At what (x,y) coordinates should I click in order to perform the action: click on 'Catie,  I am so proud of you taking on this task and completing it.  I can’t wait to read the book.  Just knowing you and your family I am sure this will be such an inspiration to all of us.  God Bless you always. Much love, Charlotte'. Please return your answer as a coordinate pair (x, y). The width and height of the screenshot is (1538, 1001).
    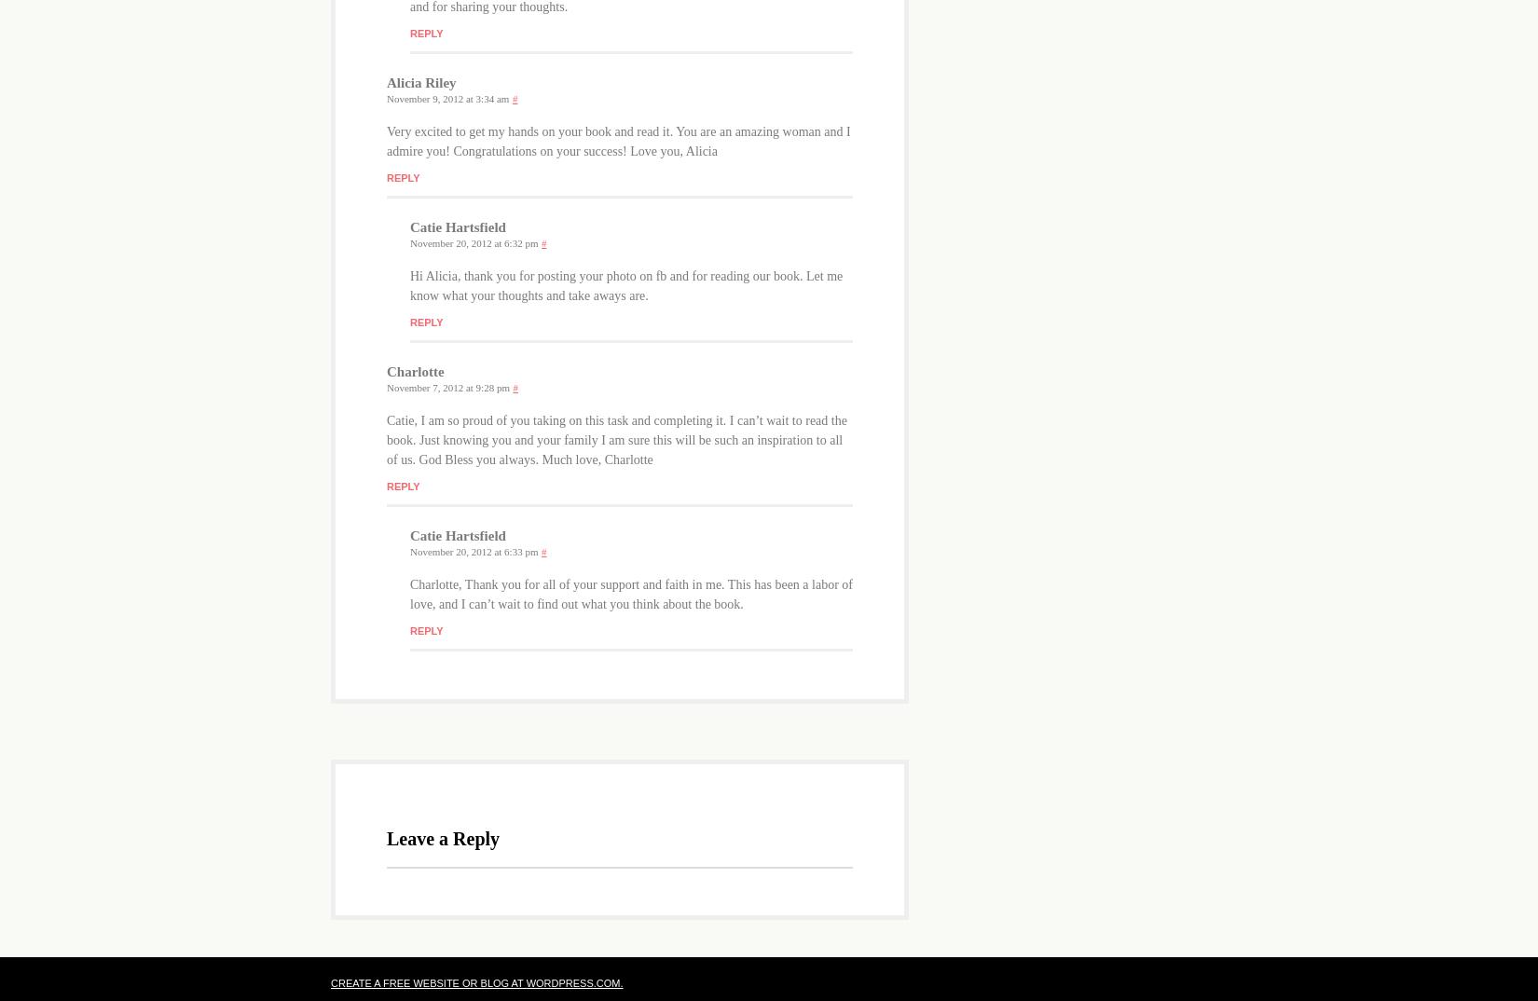
    Looking at the image, I should click on (385, 439).